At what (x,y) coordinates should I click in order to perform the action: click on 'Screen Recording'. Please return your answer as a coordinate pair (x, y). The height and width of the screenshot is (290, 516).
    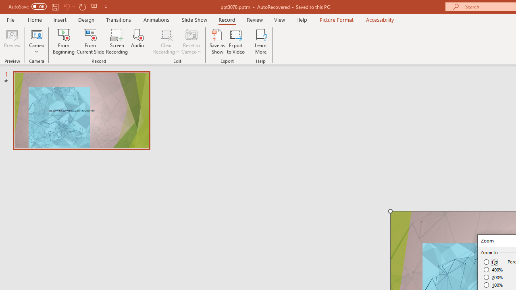
    Looking at the image, I should click on (117, 41).